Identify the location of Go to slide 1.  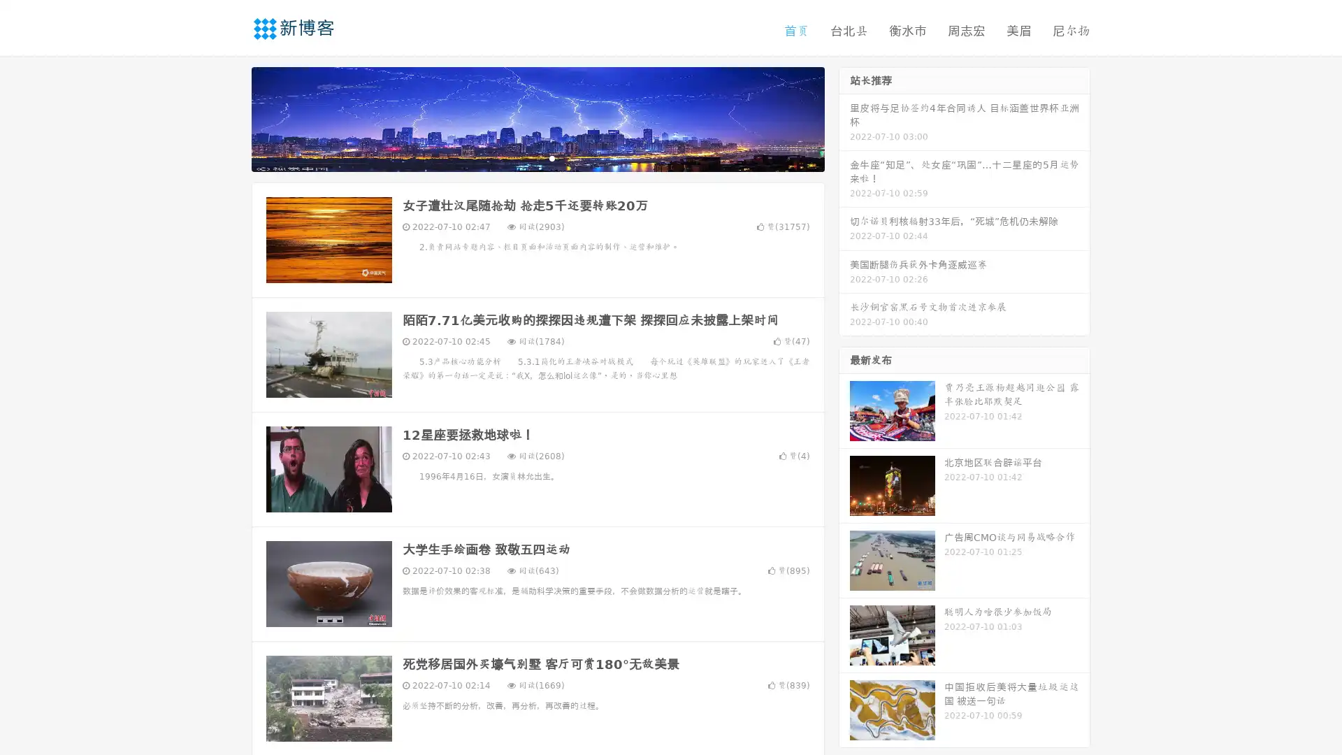
(523, 157).